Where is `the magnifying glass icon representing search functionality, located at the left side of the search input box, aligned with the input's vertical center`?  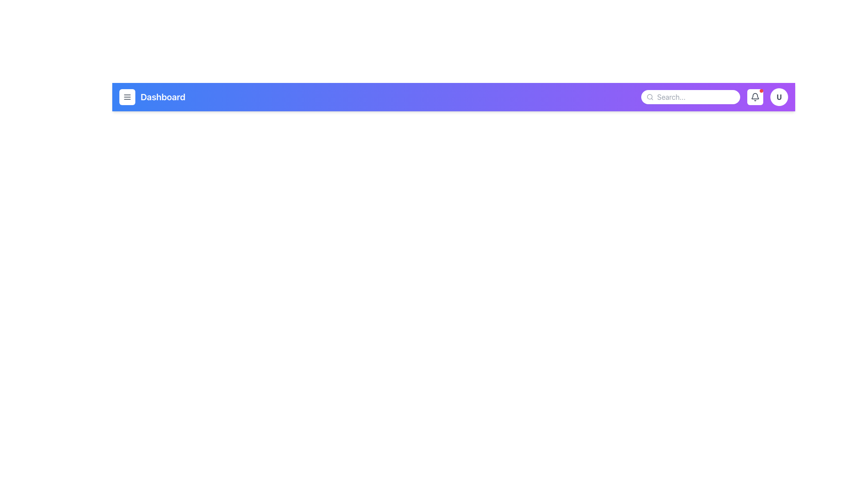 the magnifying glass icon representing search functionality, located at the left side of the search input box, aligned with the input's vertical center is located at coordinates (650, 97).